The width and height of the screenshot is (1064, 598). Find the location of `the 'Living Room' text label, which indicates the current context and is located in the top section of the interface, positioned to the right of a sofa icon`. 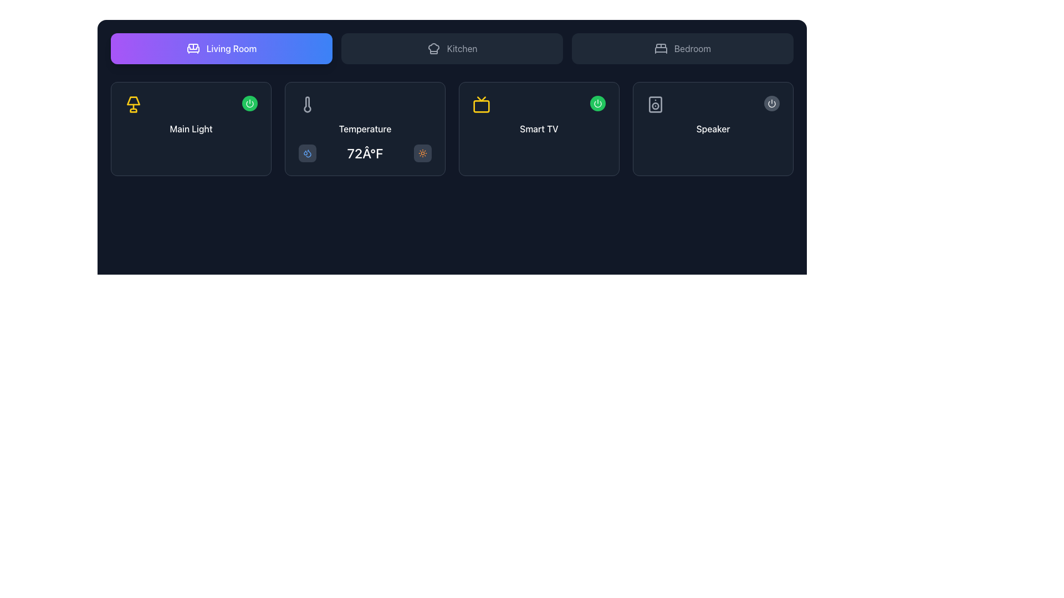

the 'Living Room' text label, which indicates the current context and is located in the top section of the interface, positioned to the right of a sofa icon is located at coordinates (231, 48).